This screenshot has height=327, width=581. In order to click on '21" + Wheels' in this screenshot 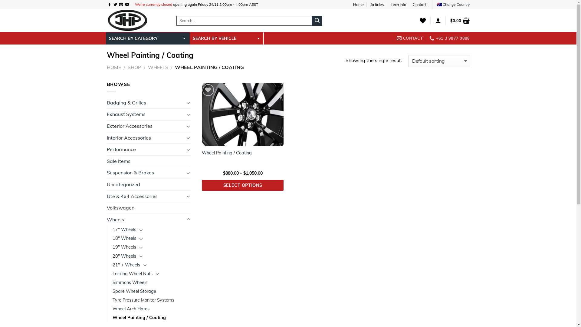, I will do `click(126, 265)`.